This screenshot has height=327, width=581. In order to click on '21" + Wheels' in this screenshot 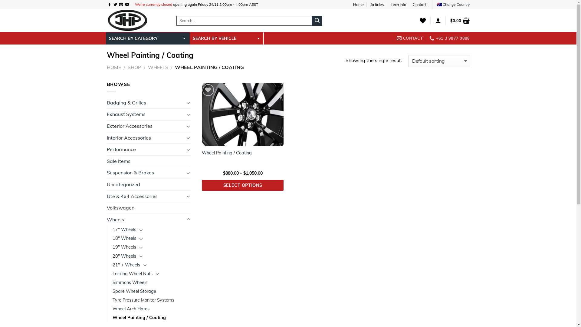, I will do `click(126, 265)`.